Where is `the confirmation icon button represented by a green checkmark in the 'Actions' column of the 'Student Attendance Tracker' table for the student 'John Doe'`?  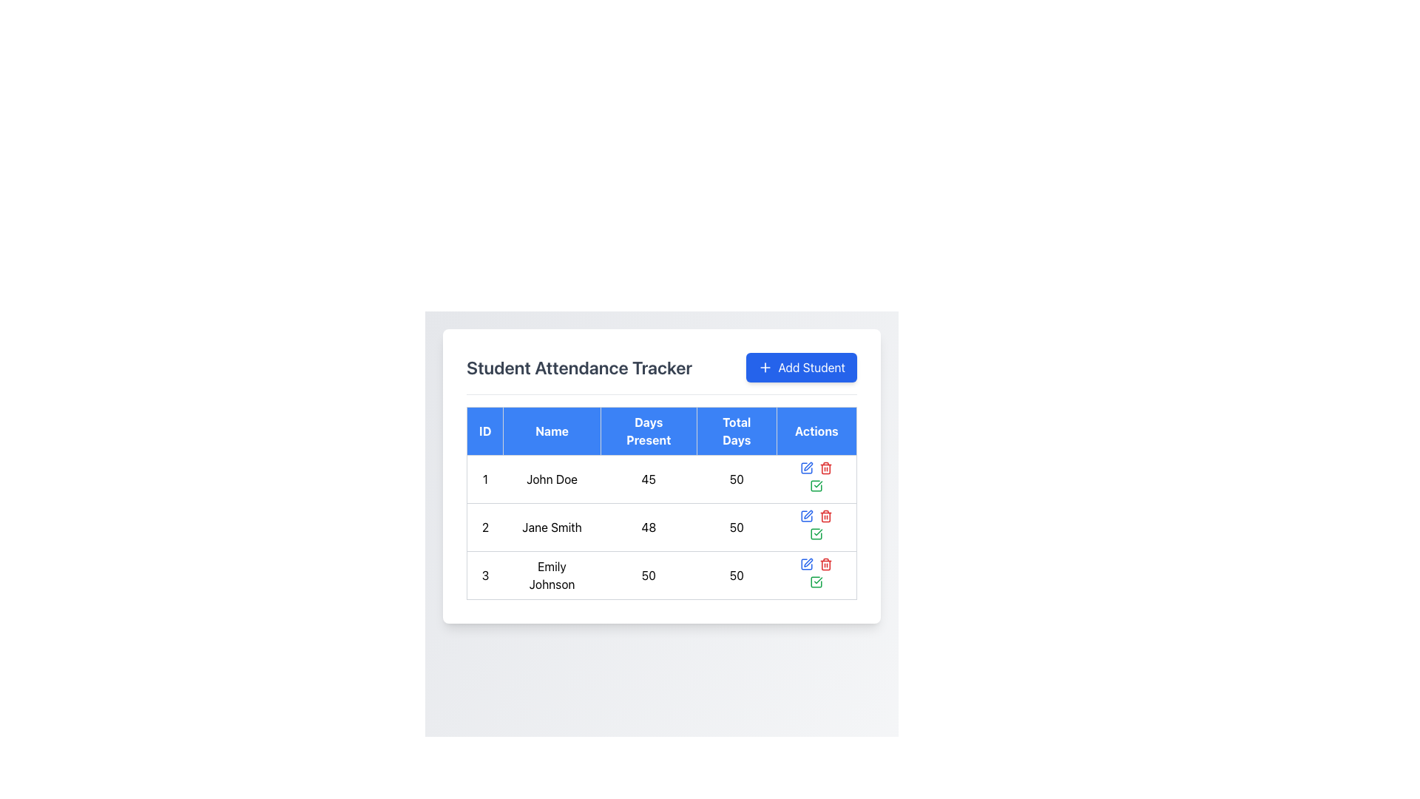
the confirmation icon button represented by a green checkmark in the 'Actions' column of the 'Student Attendance Tracker' table for the student 'John Doe' is located at coordinates (816, 479).